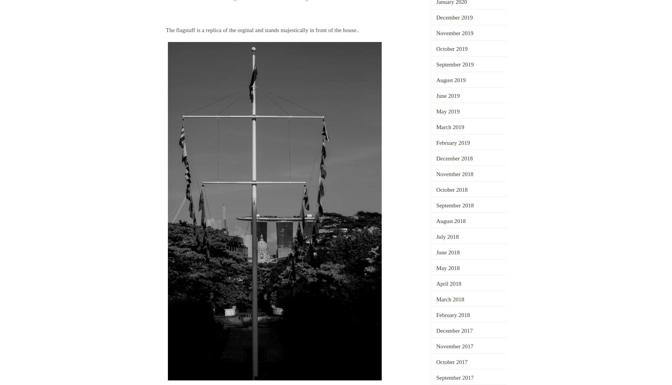  I want to click on 'June 2018', so click(447, 252).